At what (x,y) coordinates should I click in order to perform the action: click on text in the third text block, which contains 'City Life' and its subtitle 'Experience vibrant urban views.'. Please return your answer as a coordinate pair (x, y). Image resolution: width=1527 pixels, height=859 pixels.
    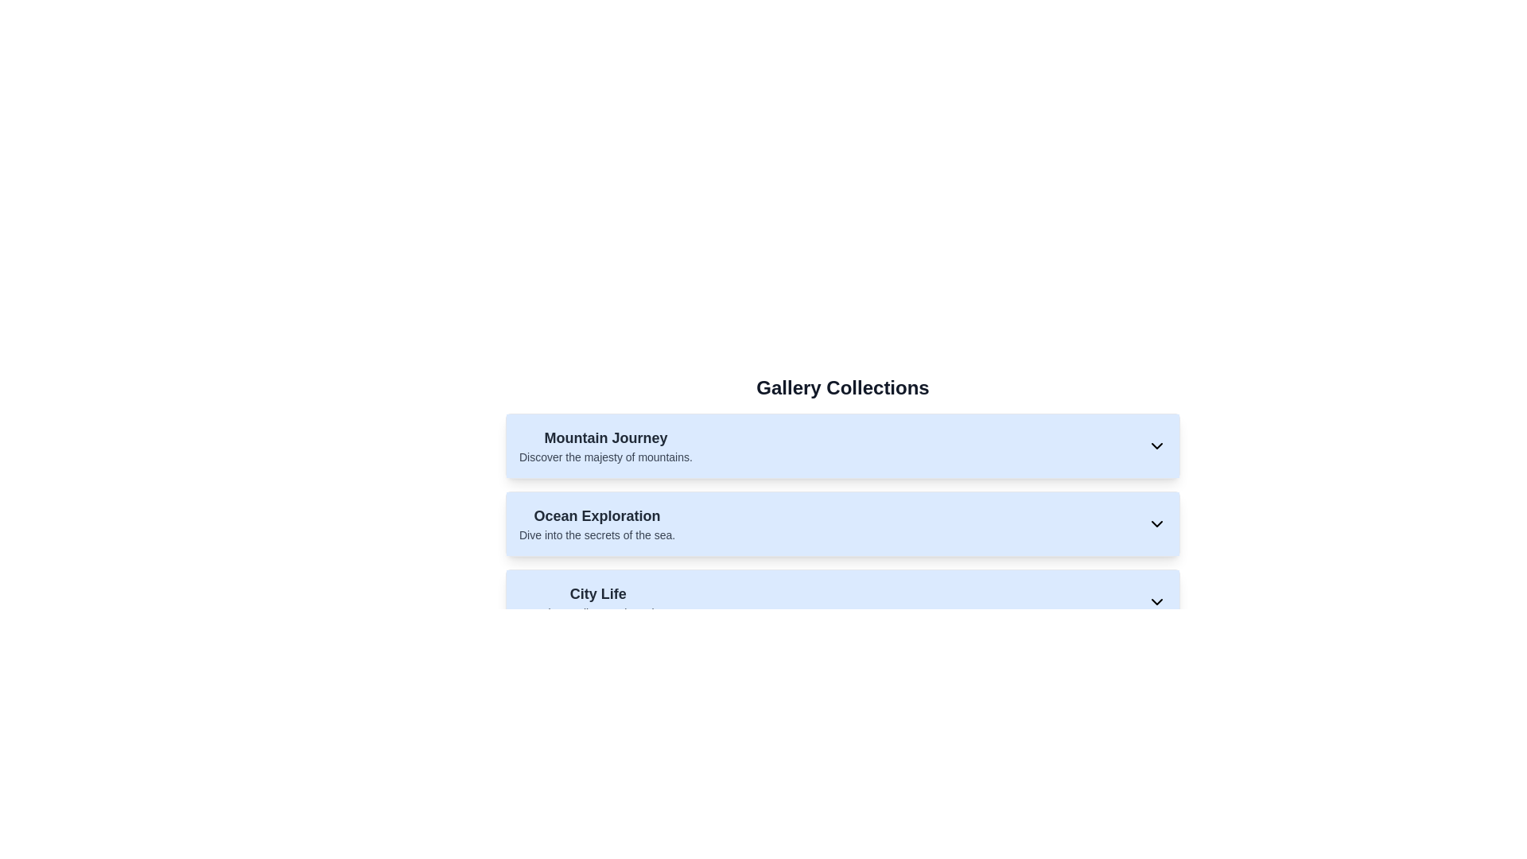
    Looking at the image, I should click on (597, 601).